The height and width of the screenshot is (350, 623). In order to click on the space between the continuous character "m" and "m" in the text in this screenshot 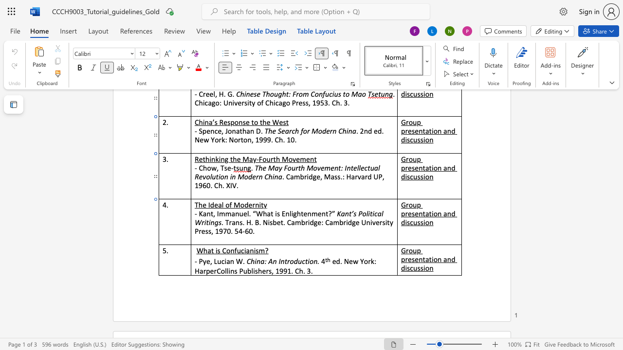, I will do `click(224, 213)`.